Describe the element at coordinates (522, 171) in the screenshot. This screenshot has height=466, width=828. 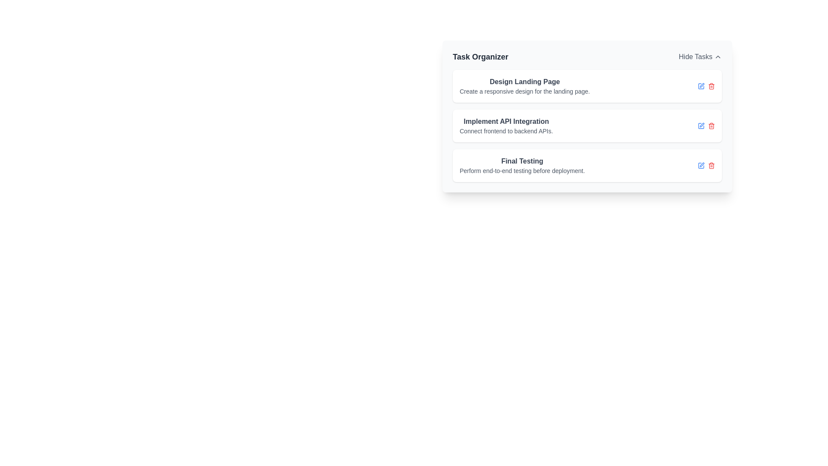
I see `the text block displaying 'Perform end-to-end testing before deployment.' located underneath the heading 'Final Testing.'` at that location.